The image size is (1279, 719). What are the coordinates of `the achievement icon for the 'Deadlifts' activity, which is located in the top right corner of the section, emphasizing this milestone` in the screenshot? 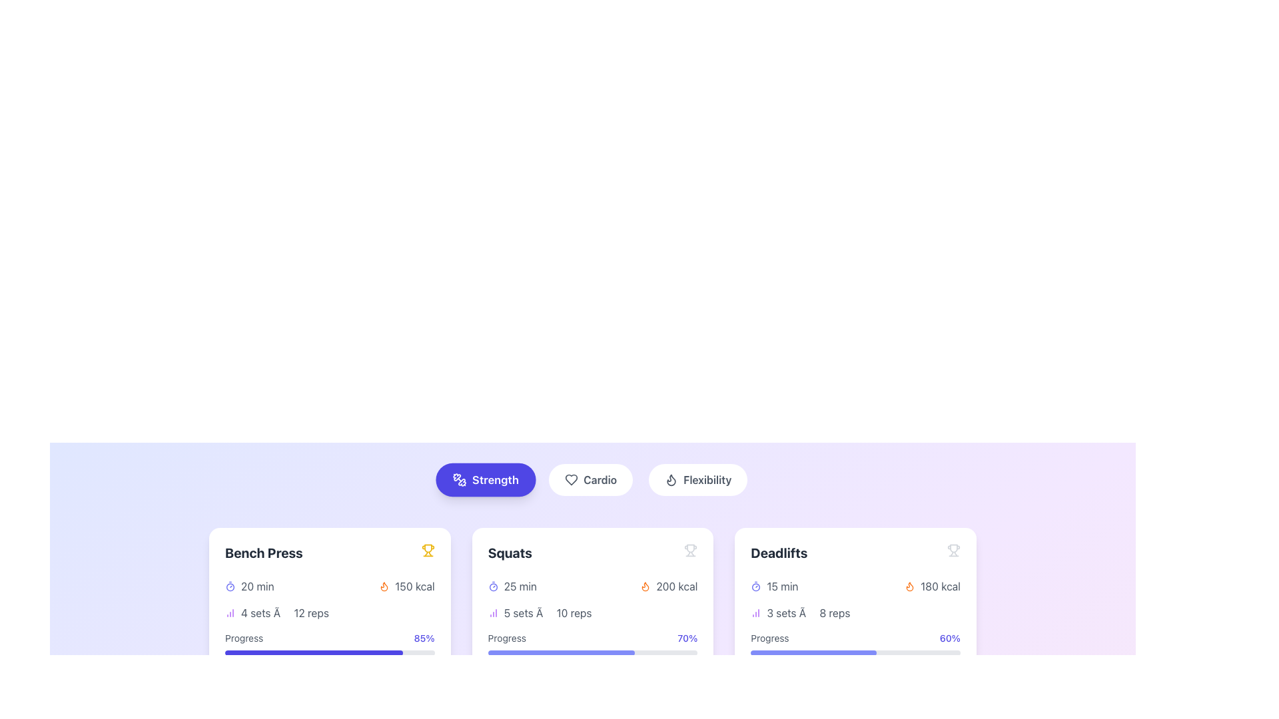 It's located at (953, 550).